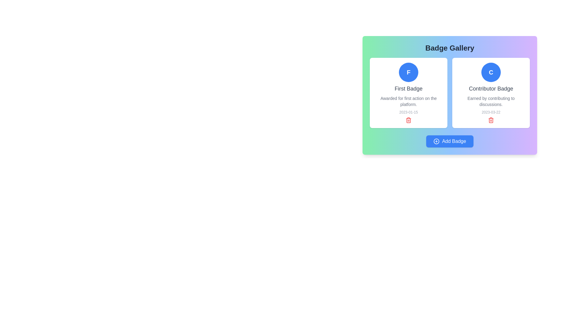 This screenshot has width=582, height=327. I want to click on the Decorative SVG Circle that serves as part of the 'Add Badge' button's design, located at the center of the button, so click(436, 141).